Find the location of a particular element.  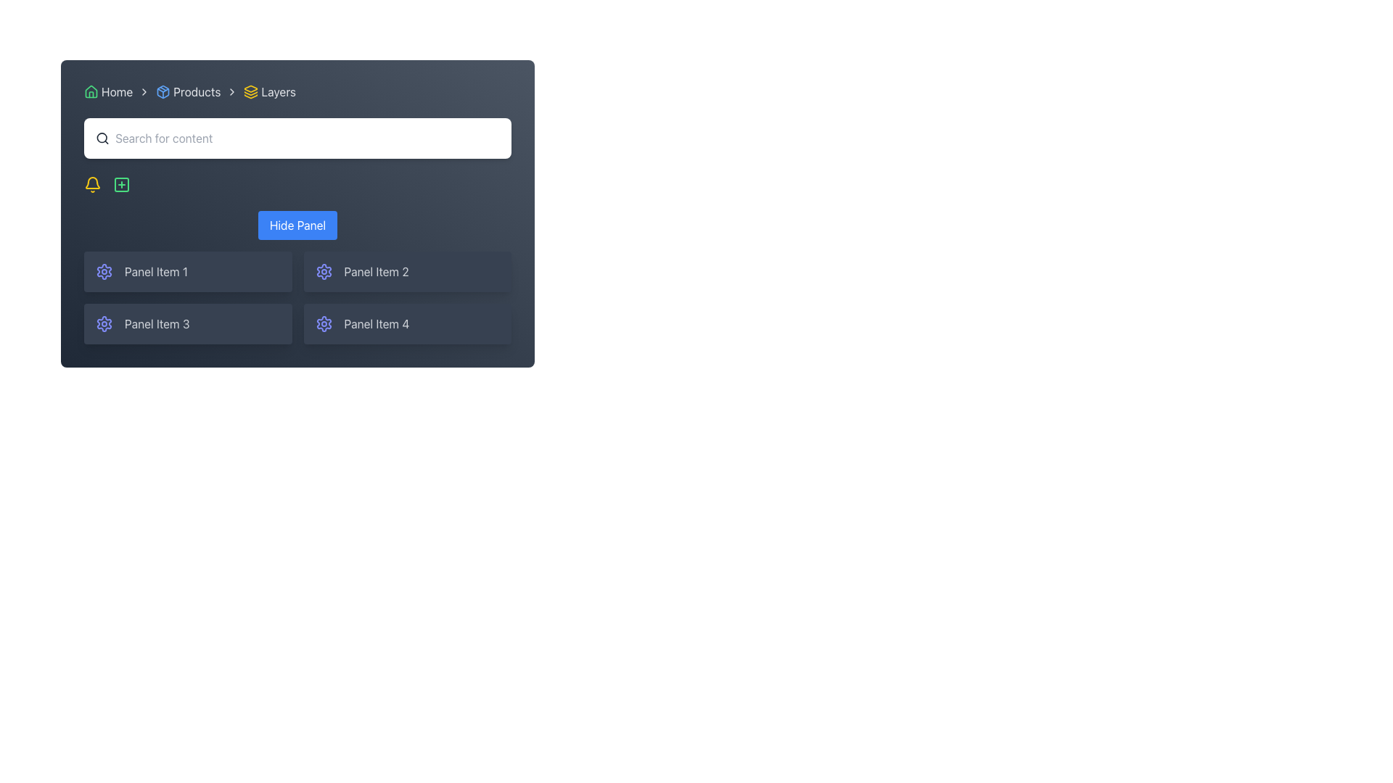

the settings icon located in the bottom-left position of the grid within the 'Panel Item 3' box is located at coordinates (104, 323).